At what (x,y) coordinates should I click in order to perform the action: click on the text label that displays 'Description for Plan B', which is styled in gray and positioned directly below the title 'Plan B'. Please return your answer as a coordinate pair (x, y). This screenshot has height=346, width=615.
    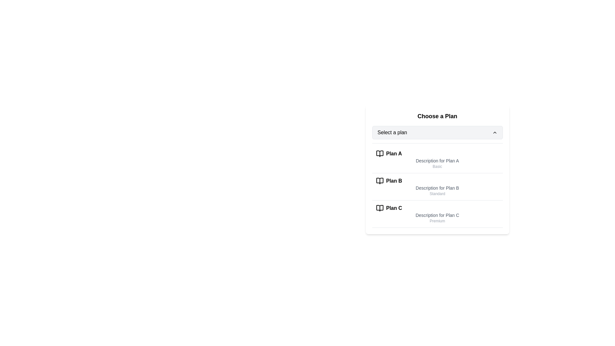
    Looking at the image, I should click on (437, 187).